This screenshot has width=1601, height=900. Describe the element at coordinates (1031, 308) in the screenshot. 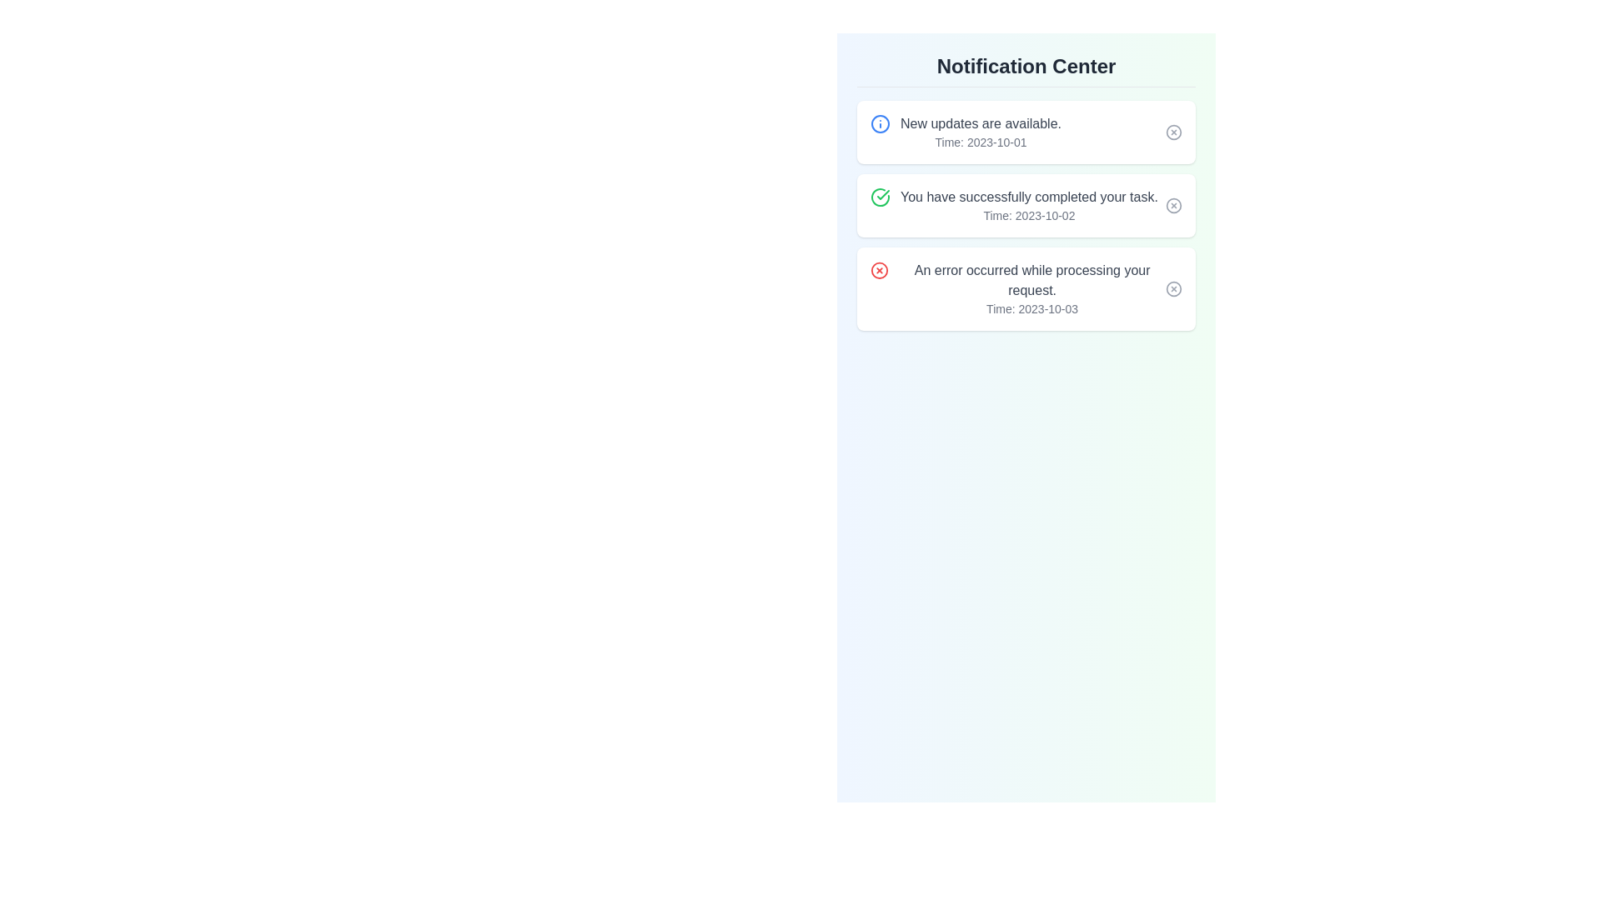

I see `the small text label displaying 'Time: 2023-10-03' which is located below the error message in the third notification card of the 'Notification Center'` at that location.